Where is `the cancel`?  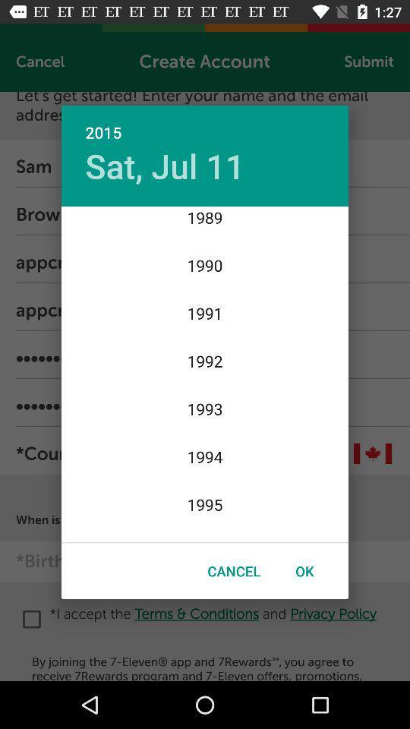
the cancel is located at coordinates (234, 570).